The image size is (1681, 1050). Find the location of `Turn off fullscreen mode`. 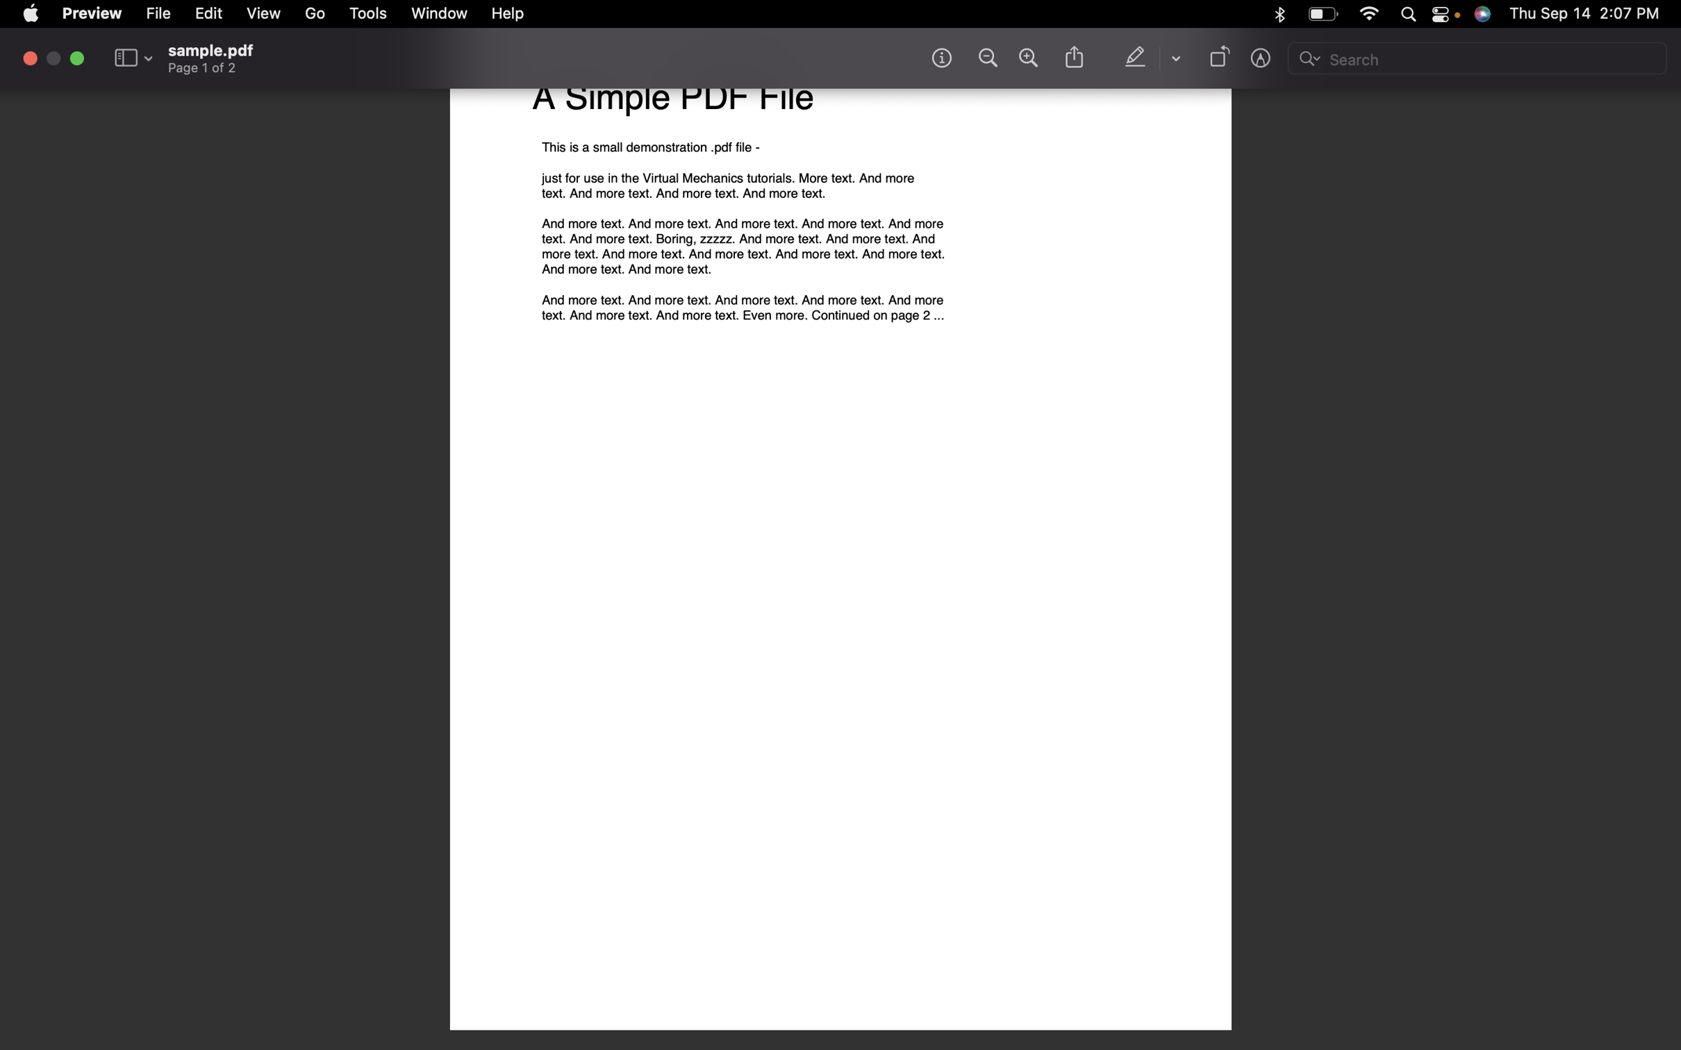

Turn off fullscreen mode is located at coordinates (76, 58).